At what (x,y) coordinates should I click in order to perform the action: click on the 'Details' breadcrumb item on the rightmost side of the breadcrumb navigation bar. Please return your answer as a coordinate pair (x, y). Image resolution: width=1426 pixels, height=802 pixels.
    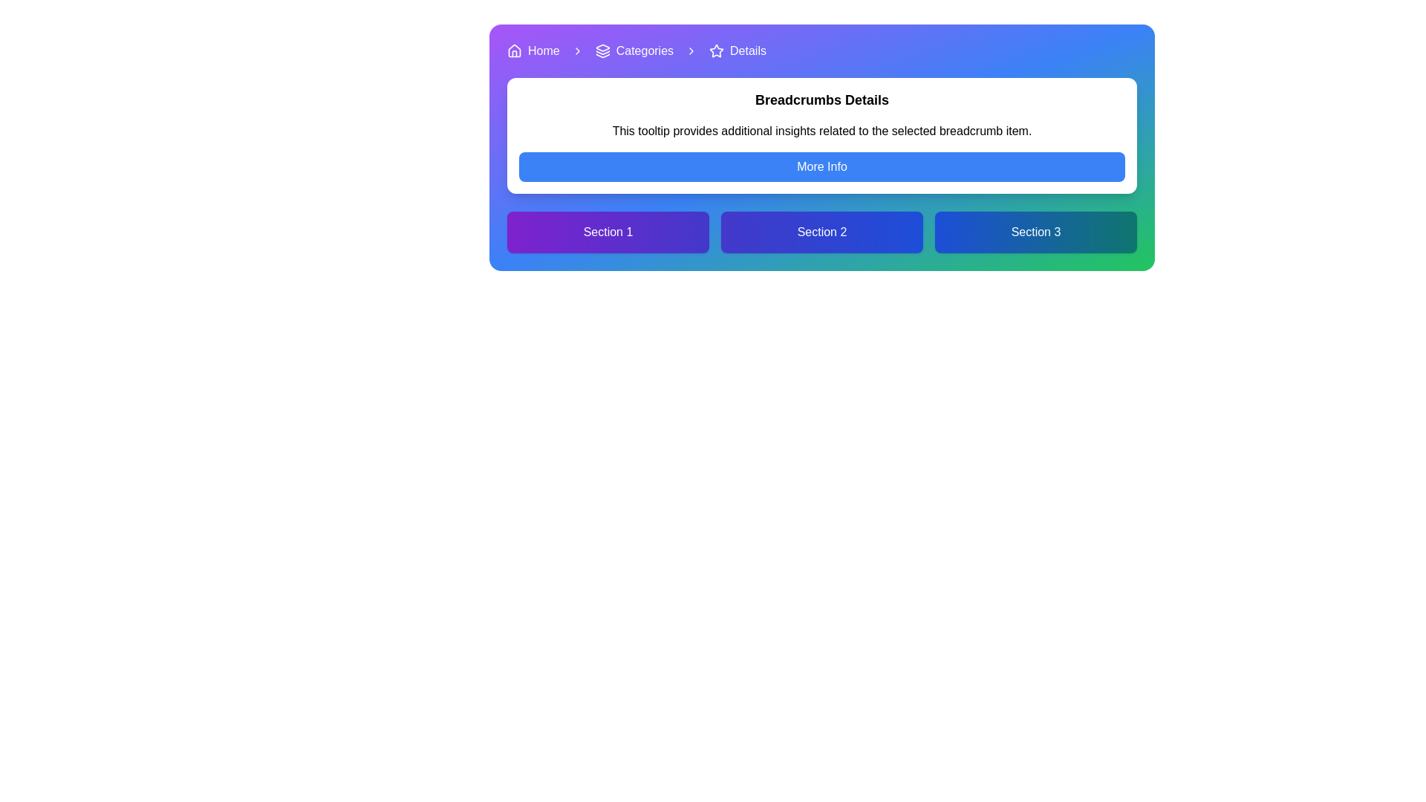
    Looking at the image, I should click on (738, 50).